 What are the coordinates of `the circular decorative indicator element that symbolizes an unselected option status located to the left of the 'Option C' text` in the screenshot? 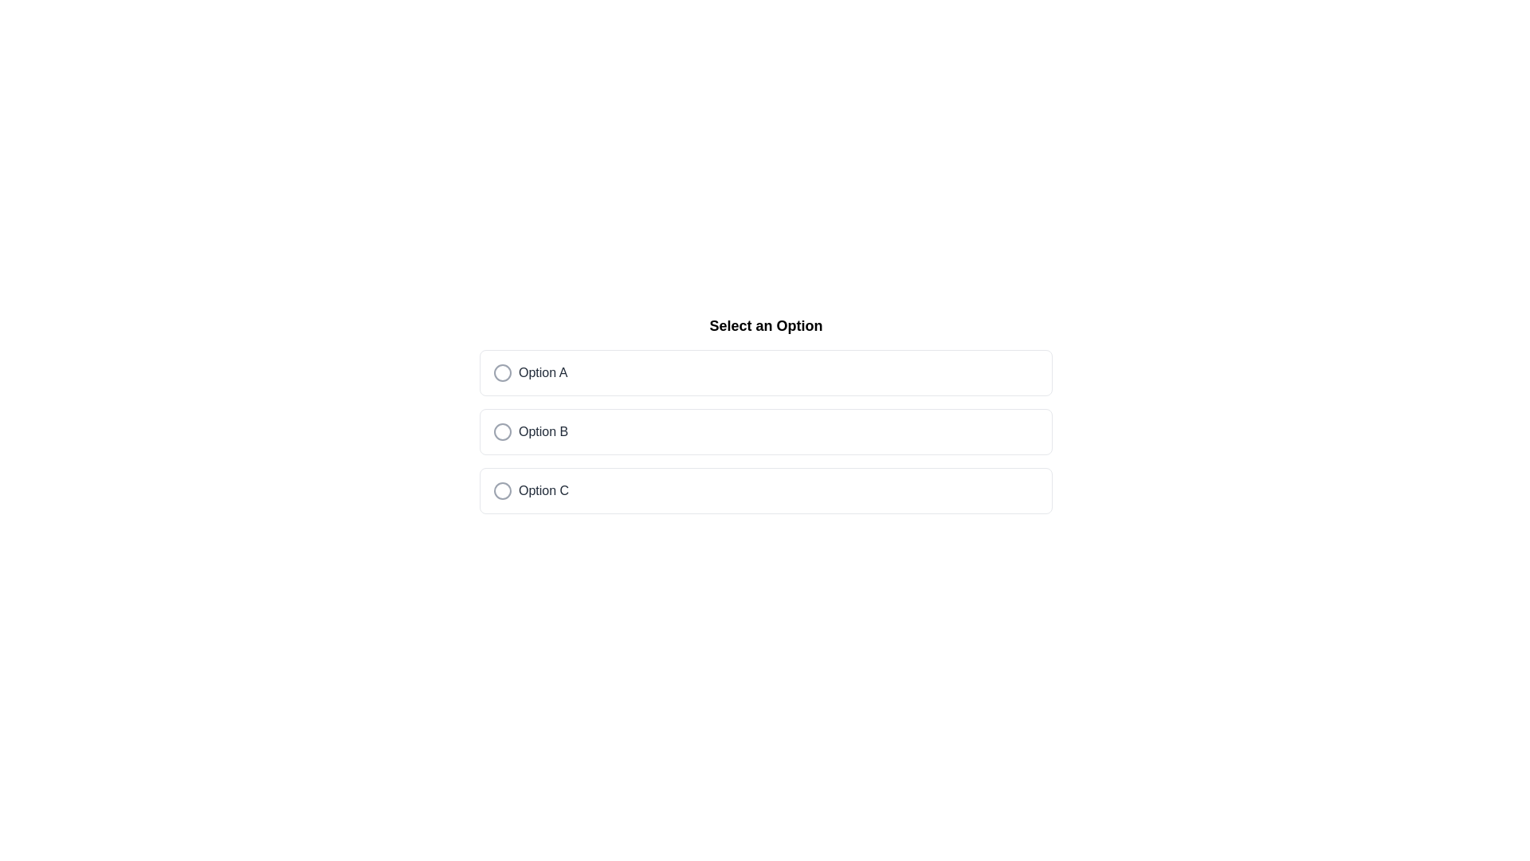 It's located at (501, 490).